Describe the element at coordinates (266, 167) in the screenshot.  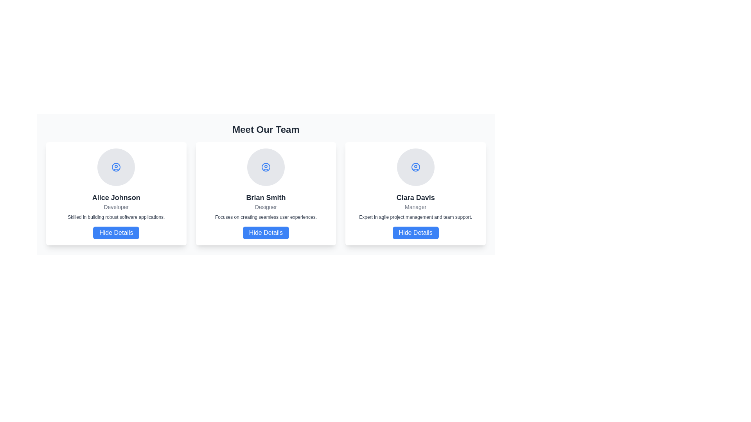
I see `the user icon representing Brian Smith, which is located in the center card of three horizontally arranged cards` at that location.